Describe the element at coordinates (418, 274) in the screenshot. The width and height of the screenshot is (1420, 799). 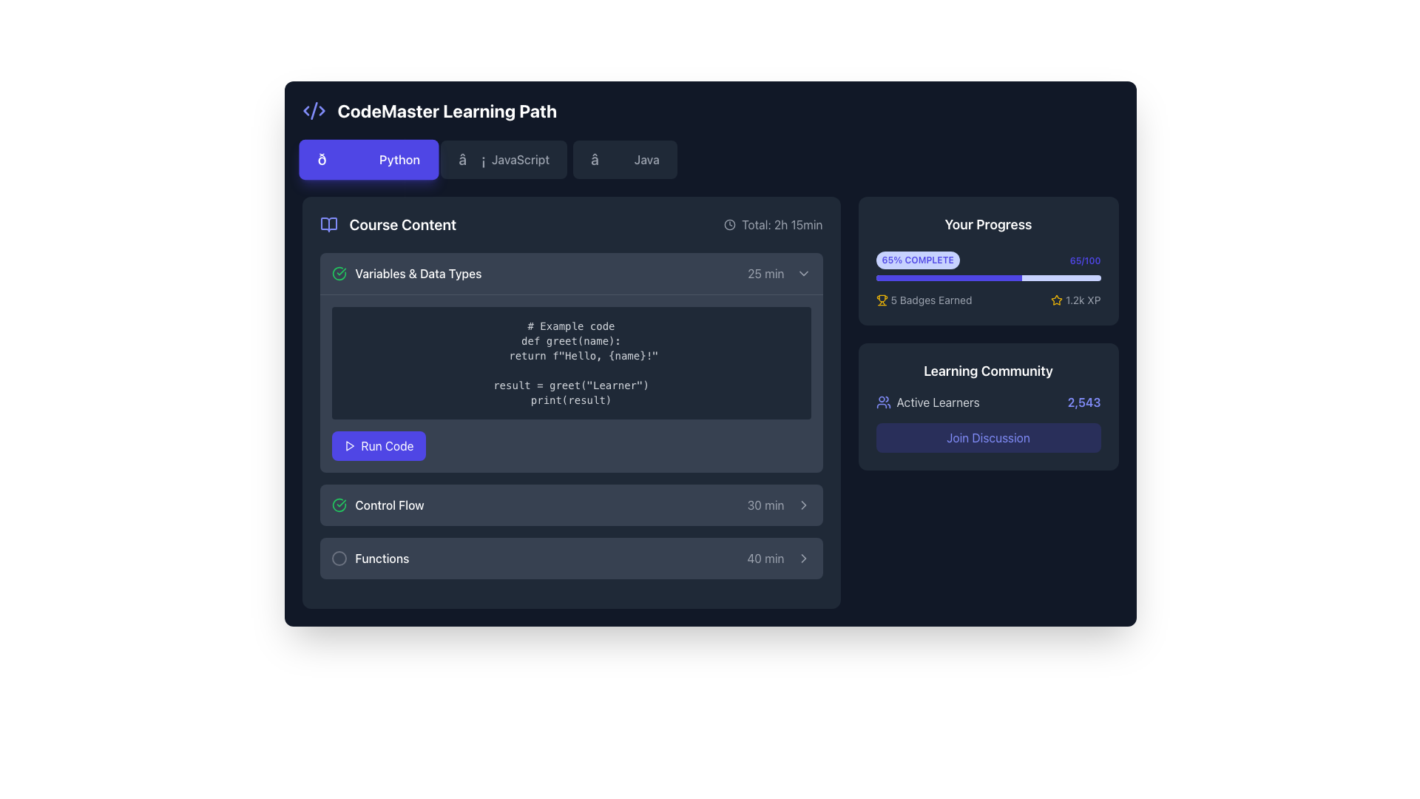
I see `the Text label located in the 'Course Content' section, positioned to the left of a code example and above the 'Run Code' button, which is accompanied by a green checkmark icon` at that location.